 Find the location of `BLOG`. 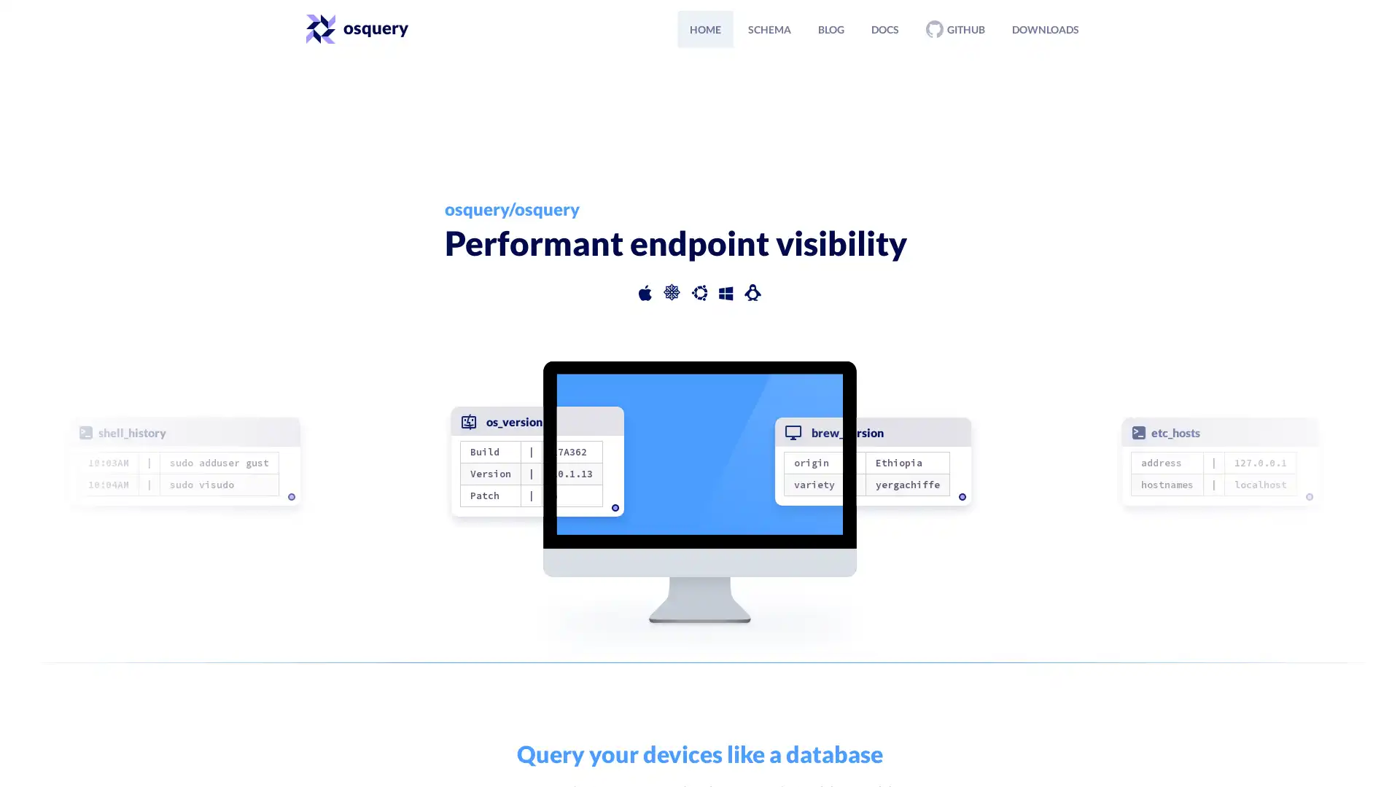

BLOG is located at coordinates (831, 28).